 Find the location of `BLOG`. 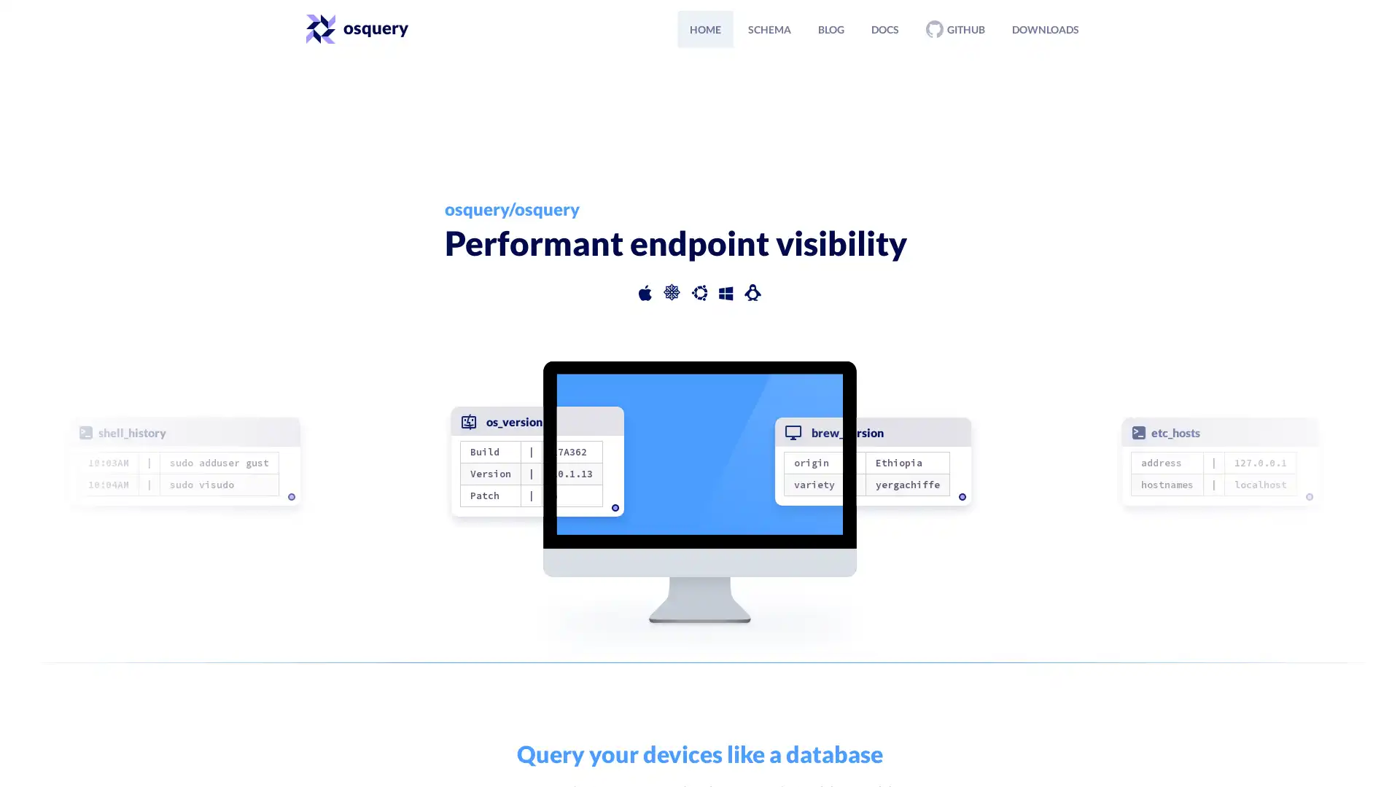

BLOG is located at coordinates (831, 28).